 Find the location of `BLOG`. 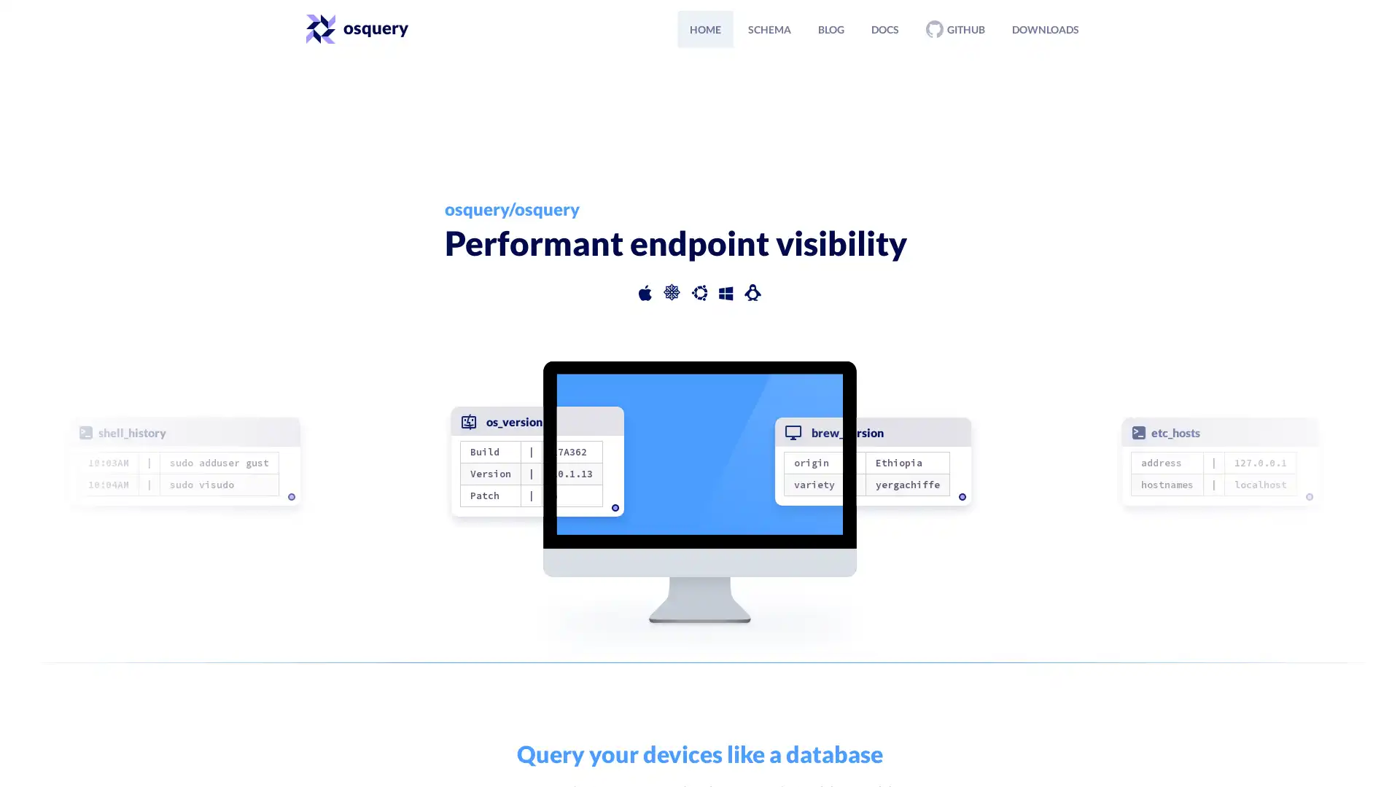

BLOG is located at coordinates (831, 28).